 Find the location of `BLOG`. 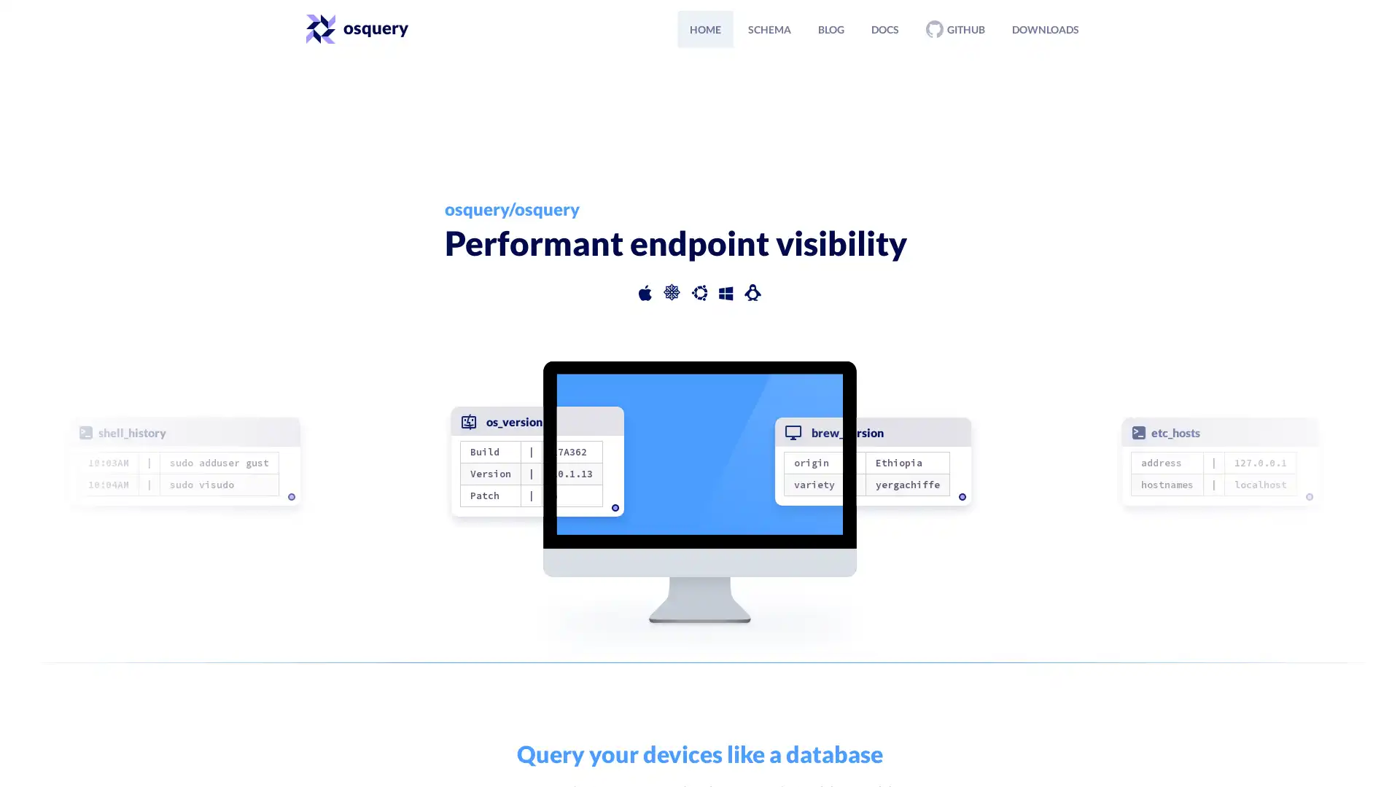

BLOG is located at coordinates (831, 28).